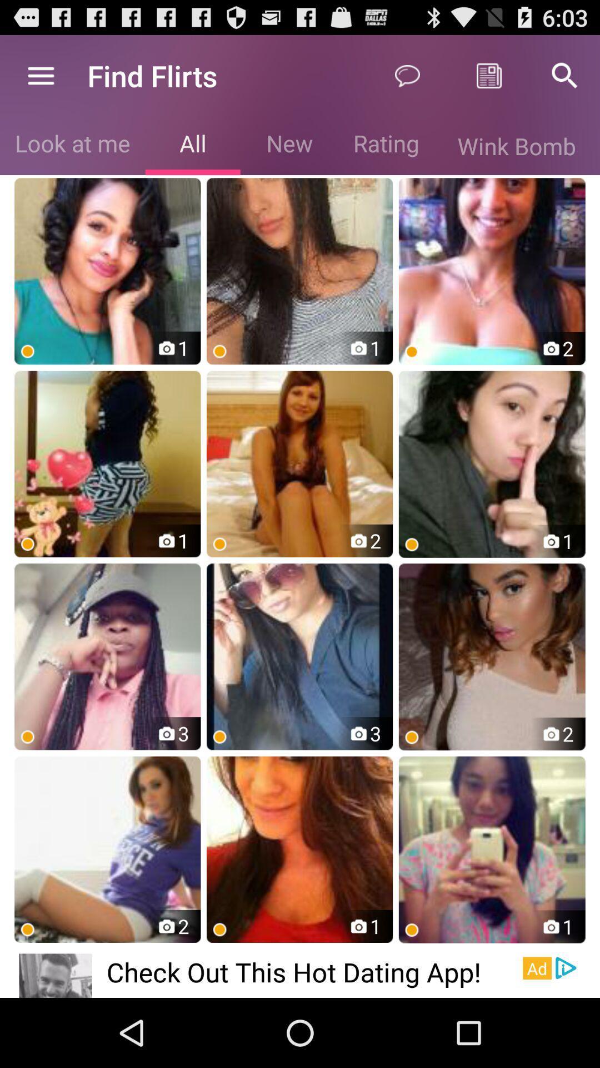 The width and height of the screenshot is (600, 1068). Describe the element at coordinates (386, 145) in the screenshot. I see `the option right side of new` at that location.